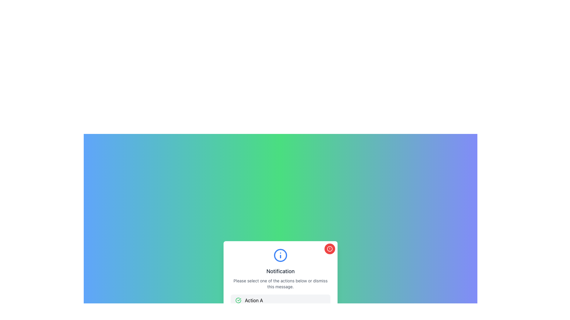 The image size is (570, 320). Describe the element at coordinates (238, 300) in the screenshot. I see `the circular green icon featuring a checkmark inside, which indicates confirmation or success, located within the 'Action A' button` at that location.